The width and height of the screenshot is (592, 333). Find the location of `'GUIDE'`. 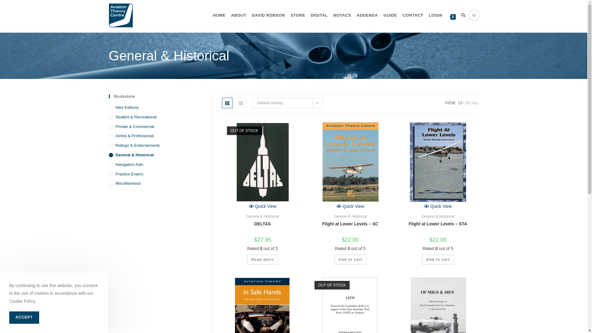

'GUIDE' is located at coordinates (390, 15).